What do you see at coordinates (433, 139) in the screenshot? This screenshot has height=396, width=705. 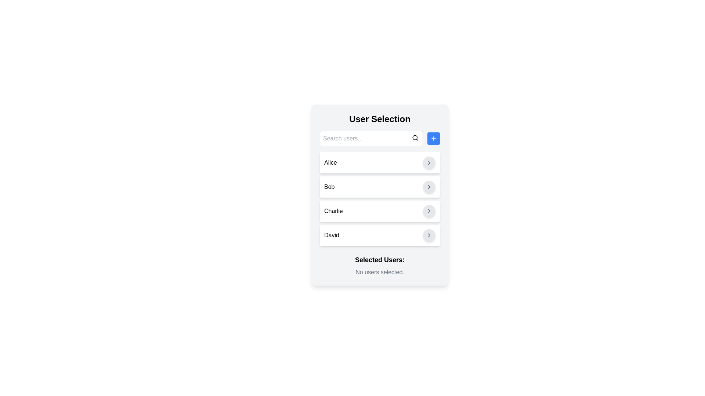 I see `the plus sign icon located in the button at the top right corner of the card layout` at bounding box center [433, 139].